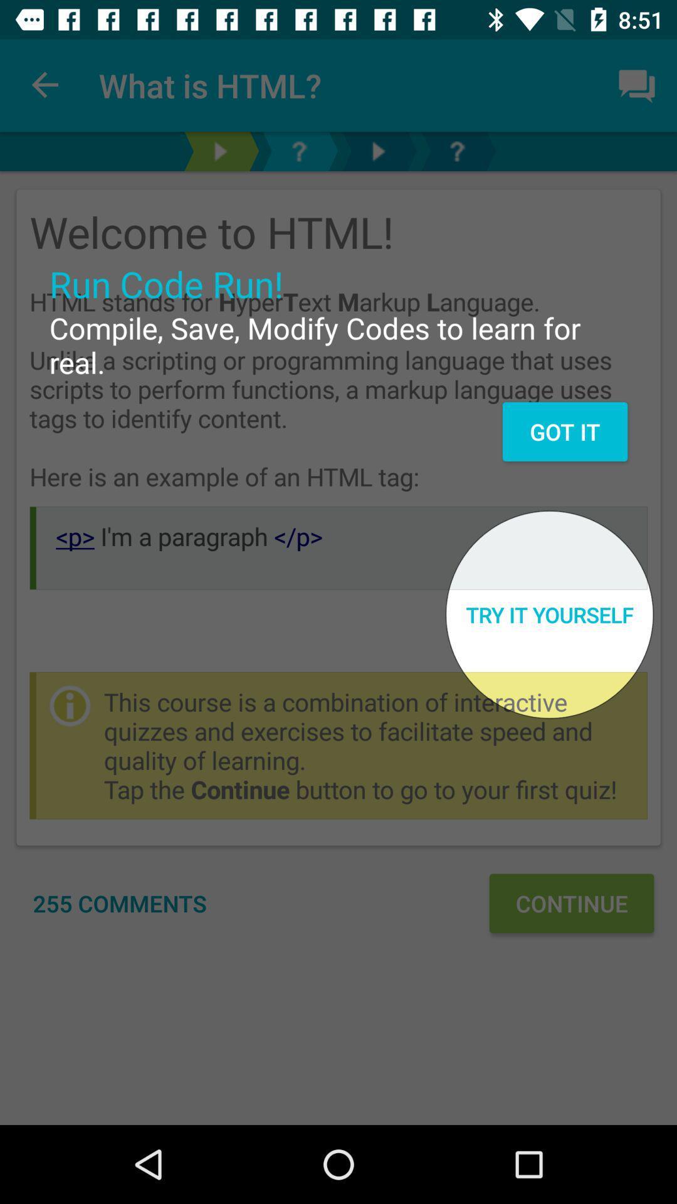  What do you see at coordinates (377, 150) in the screenshot?
I see `button` at bounding box center [377, 150].